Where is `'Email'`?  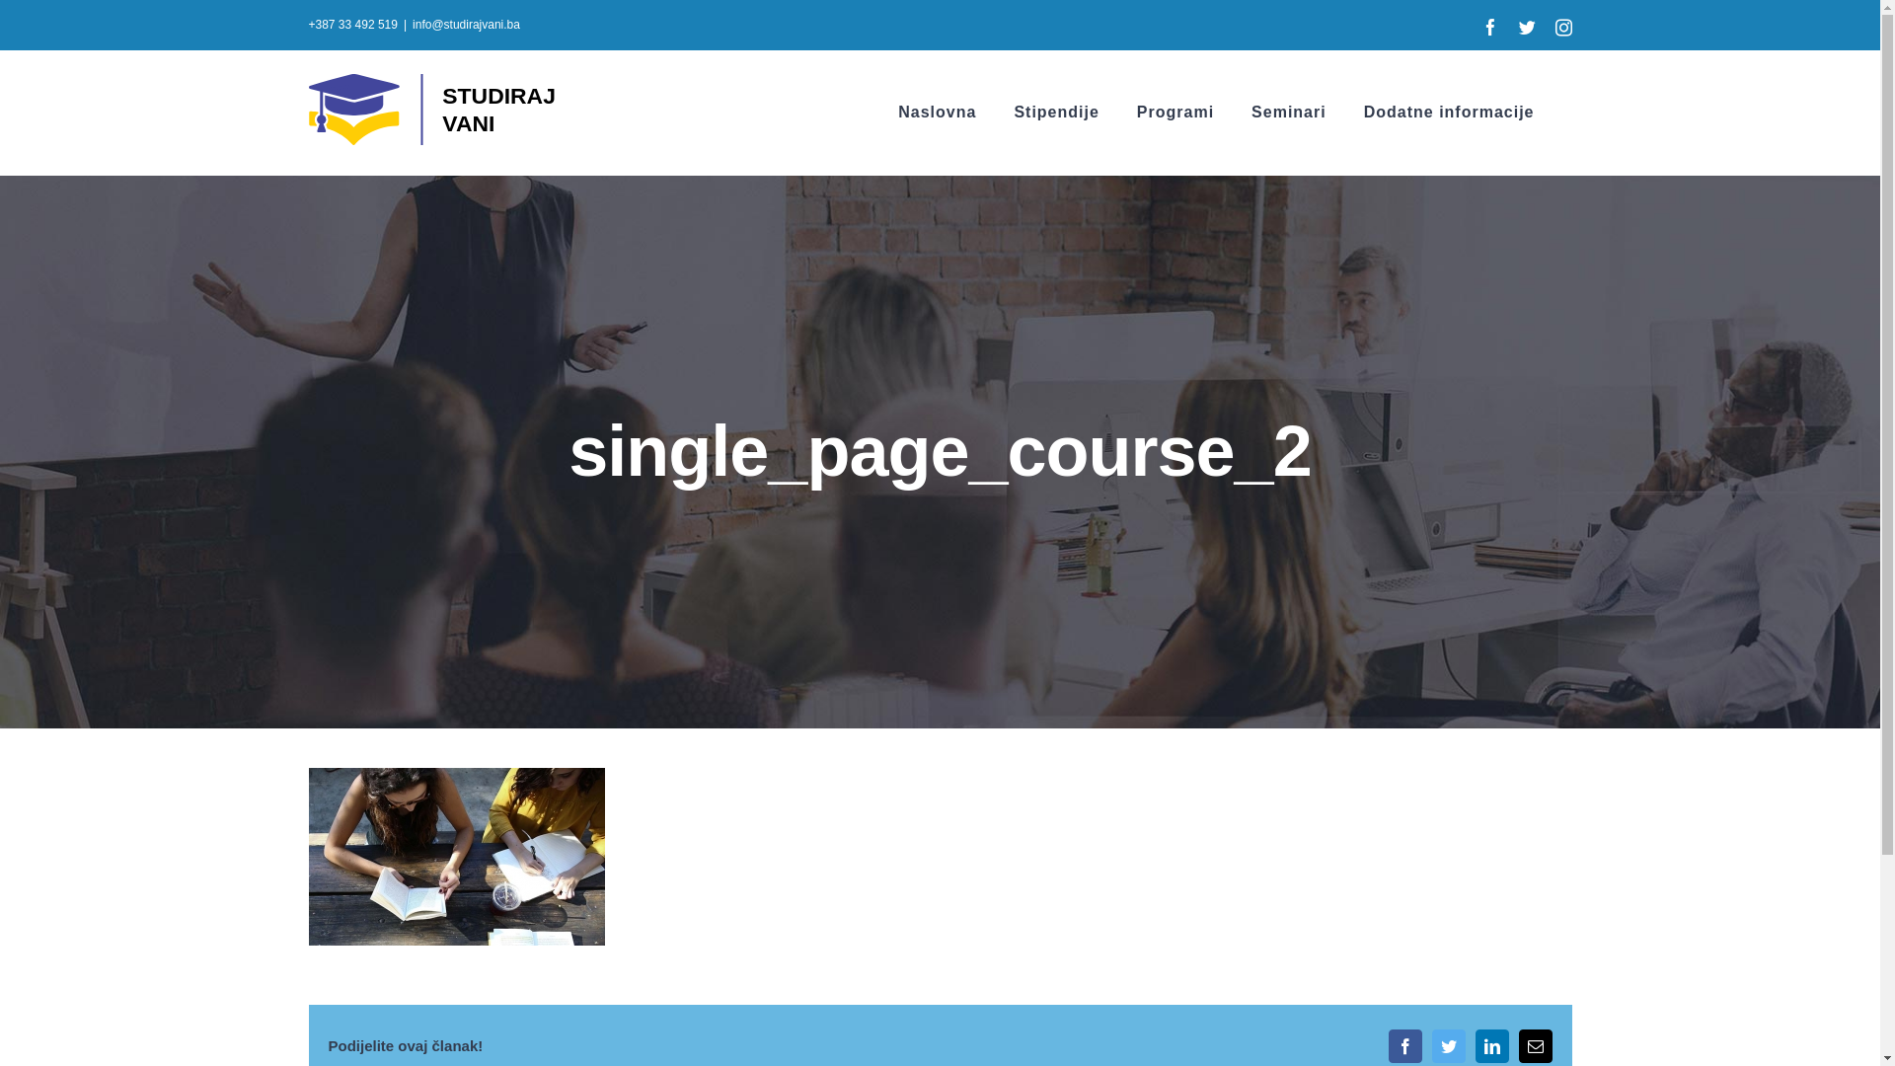 'Email' is located at coordinates (1534, 1045).